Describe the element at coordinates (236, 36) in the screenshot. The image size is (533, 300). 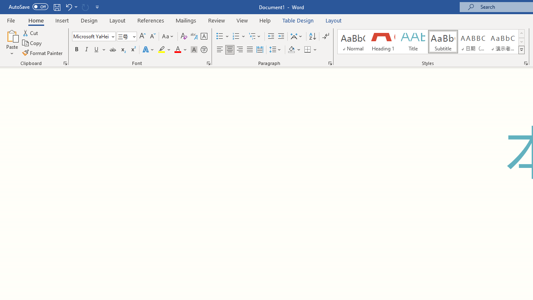
I see `'Numbering'` at that location.